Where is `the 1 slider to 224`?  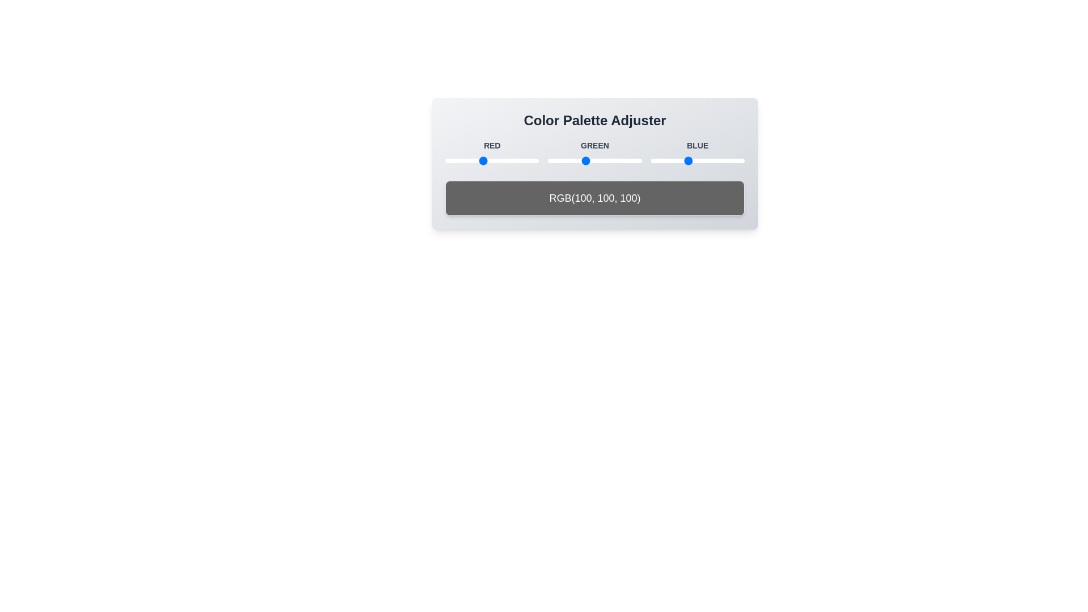
the 1 slider to 224 is located at coordinates (527, 161).